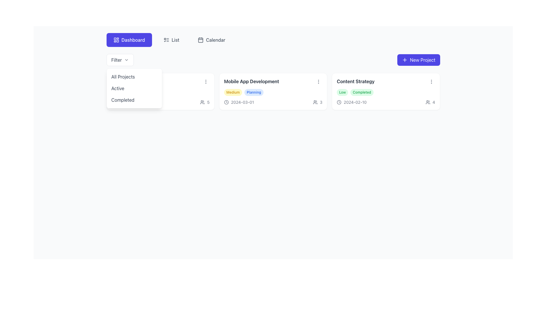 This screenshot has height=313, width=556. What do you see at coordinates (273, 81) in the screenshot?
I see `the 'Mobile App Development' text label located at the top of the first project card on the main dashboard` at bounding box center [273, 81].